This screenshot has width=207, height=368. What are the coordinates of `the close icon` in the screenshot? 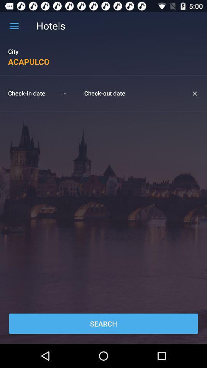 It's located at (195, 100).